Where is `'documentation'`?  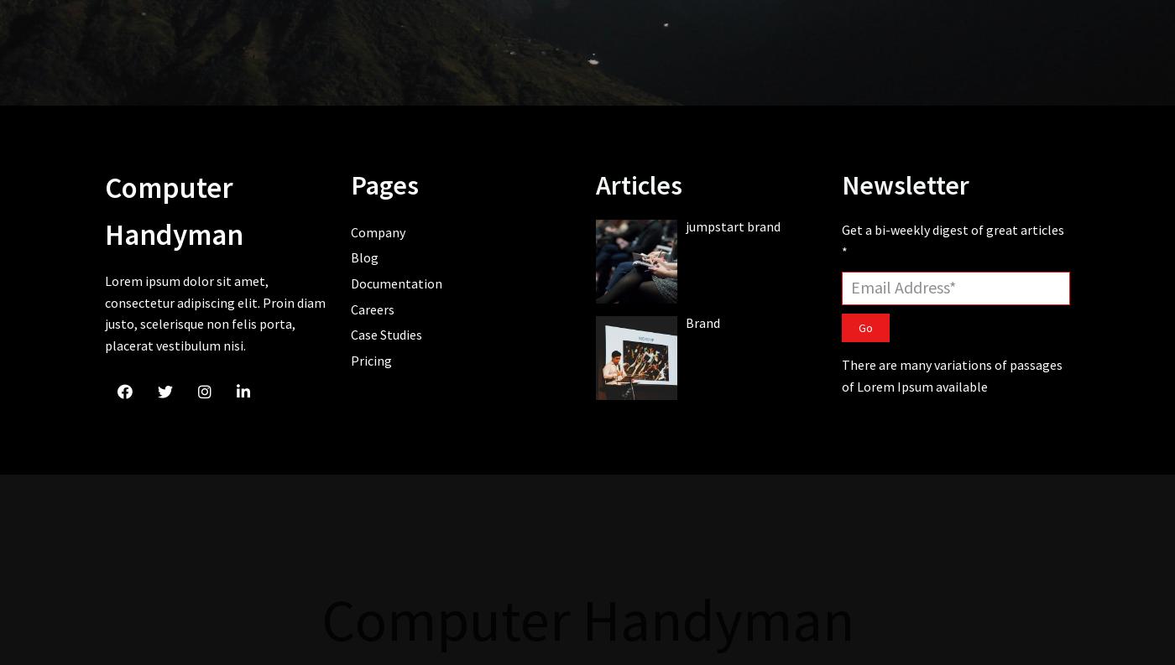 'documentation' is located at coordinates (350, 283).